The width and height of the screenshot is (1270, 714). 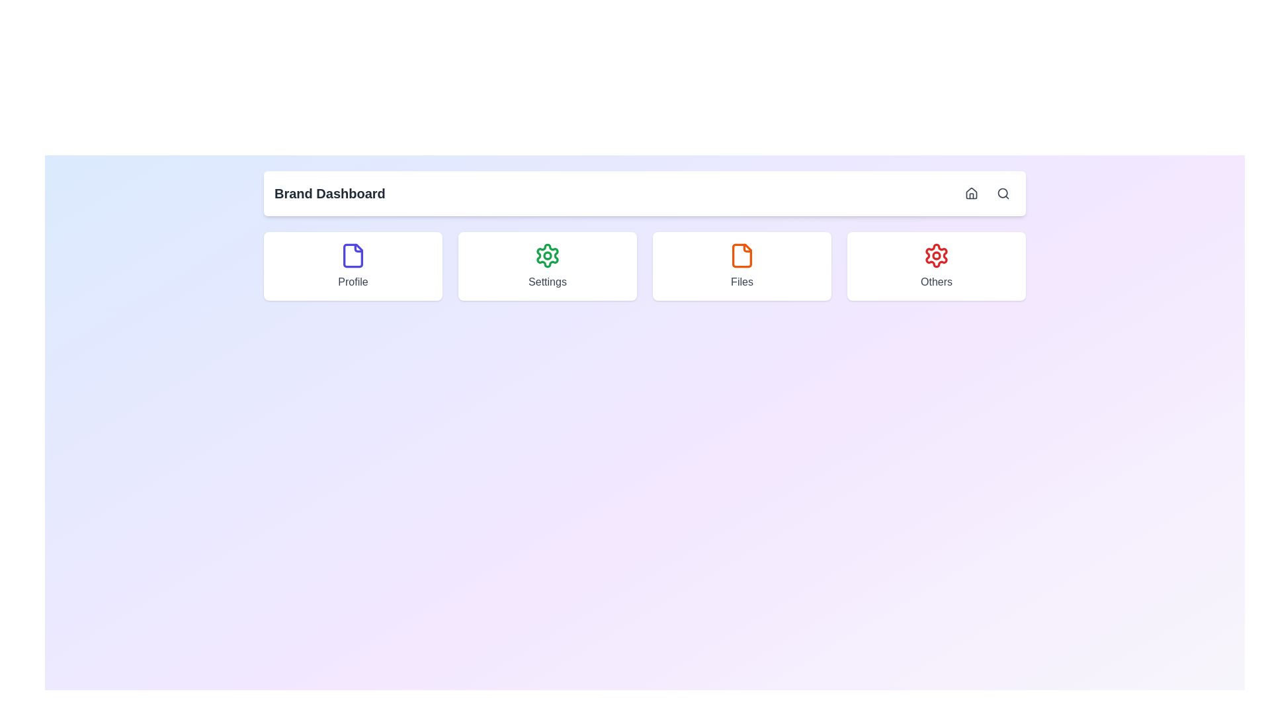 I want to click on the search icon button located at the top-right of the interface to initiate a search action, so click(x=1003, y=194).